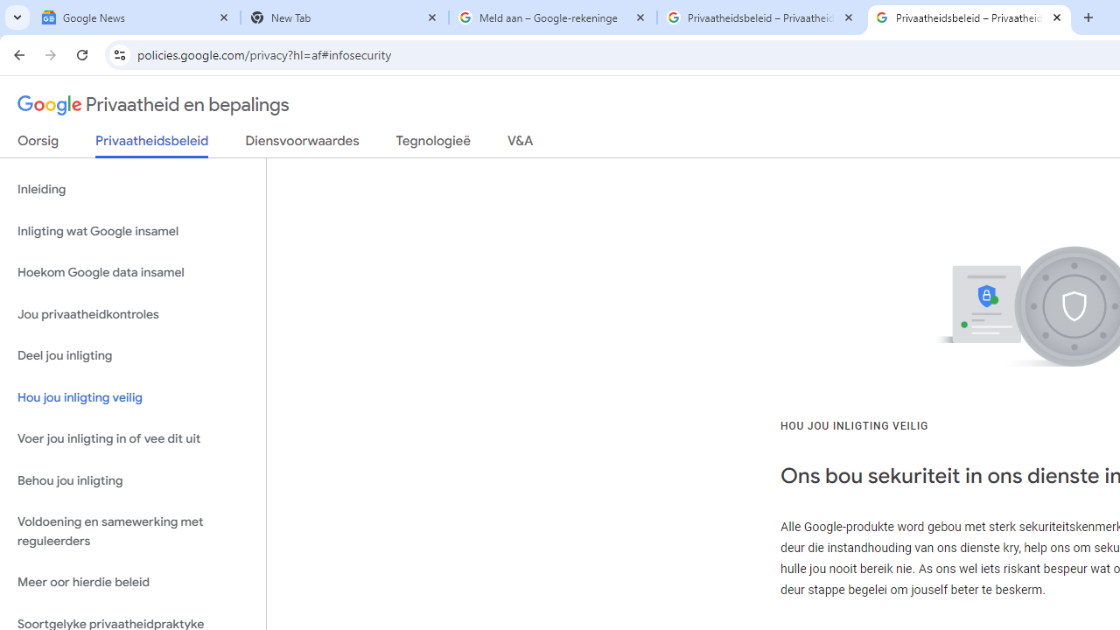  What do you see at coordinates (519, 143) in the screenshot?
I see `'V&A'` at bounding box center [519, 143].